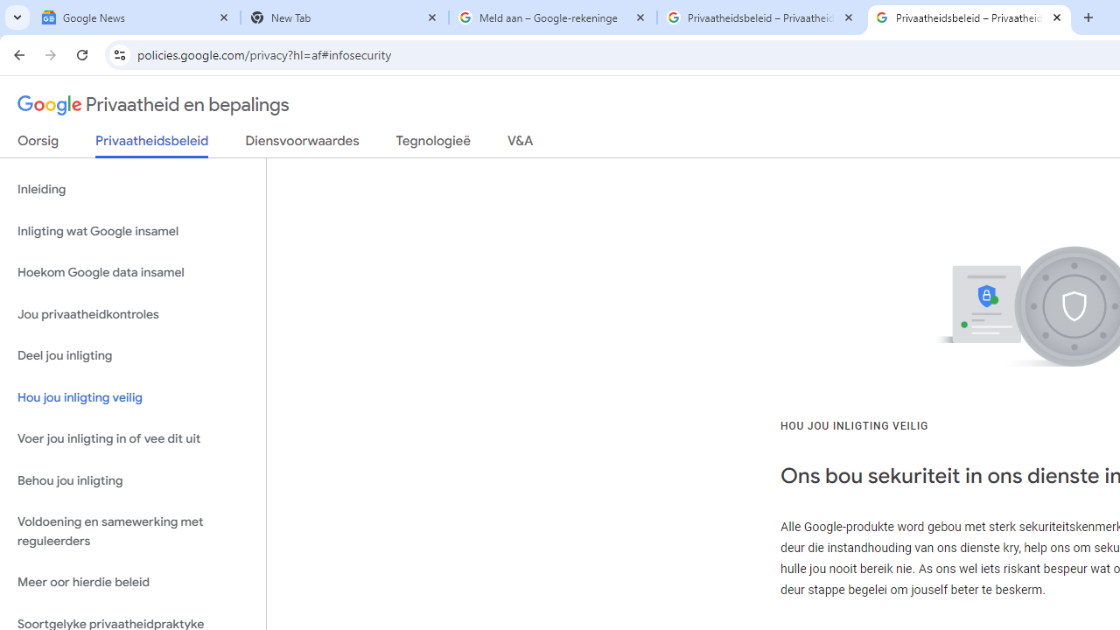  What do you see at coordinates (519, 143) in the screenshot?
I see `'V&A'` at bounding box center [519, 143].